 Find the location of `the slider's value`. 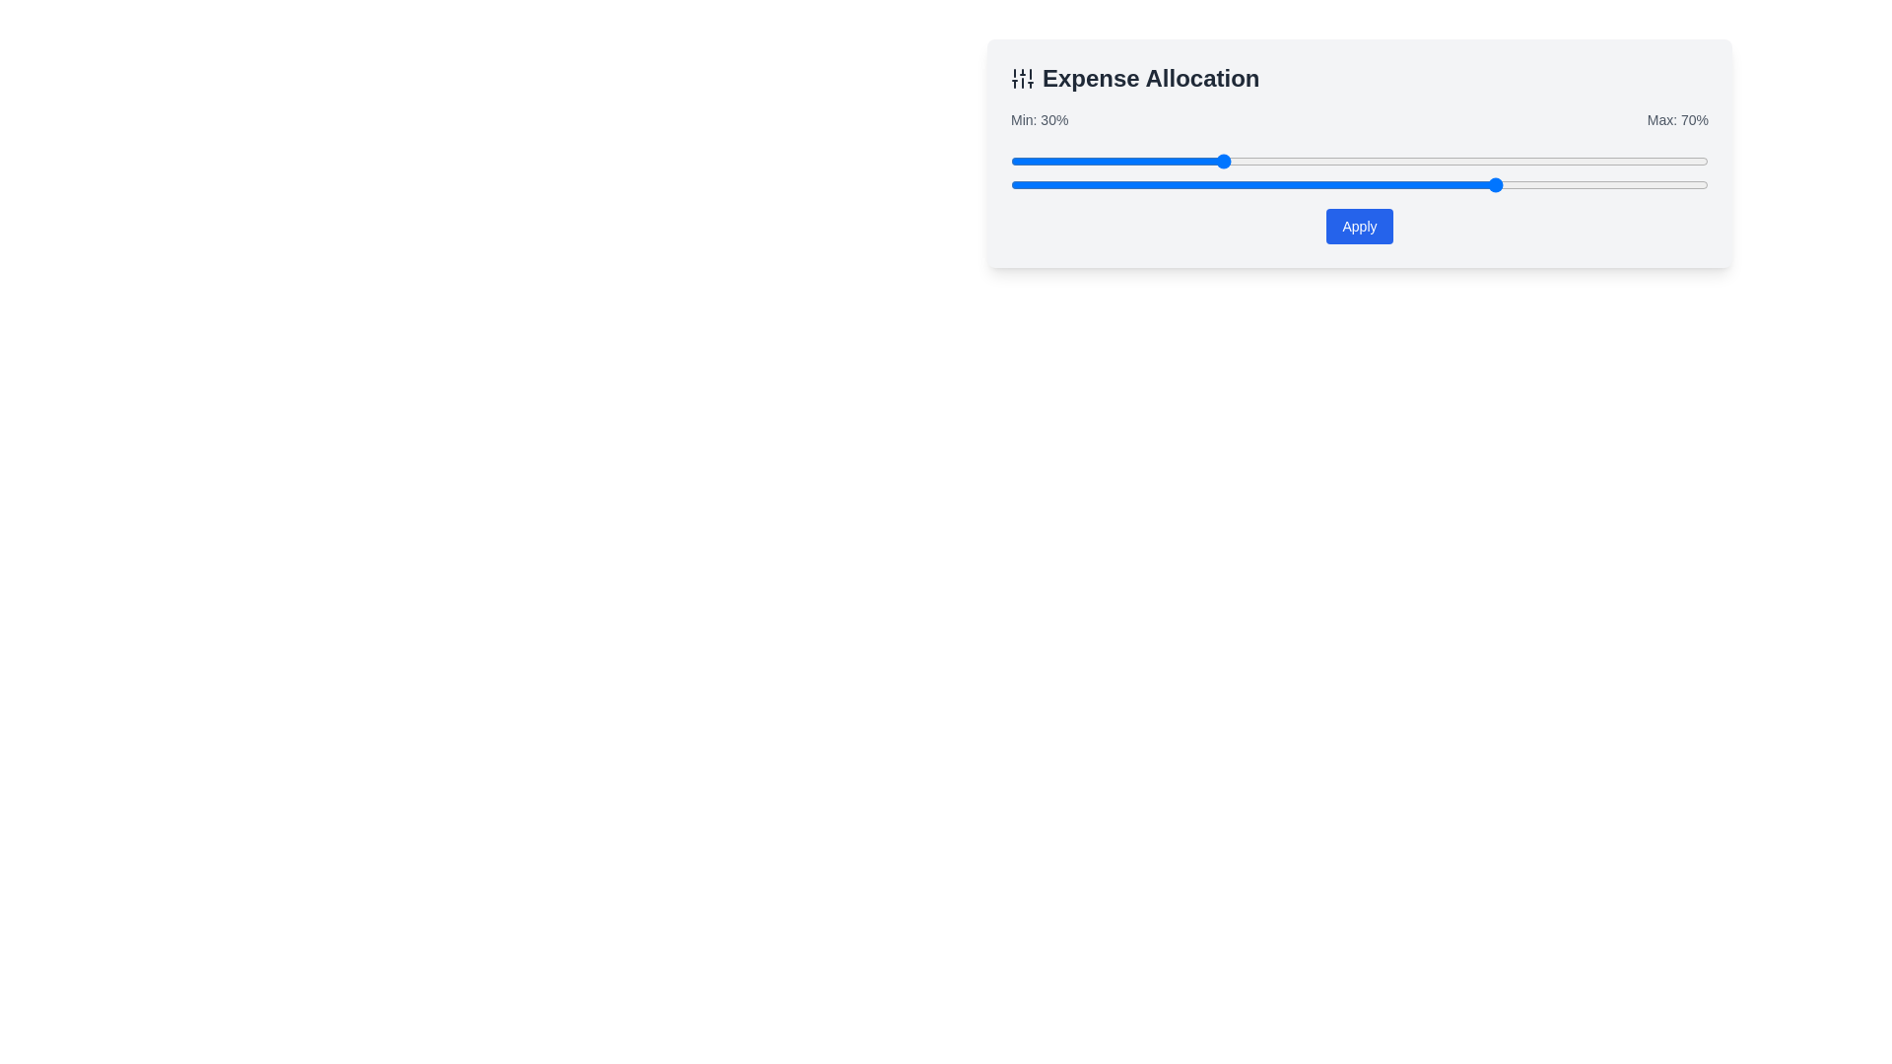

the slider's value is located at coordinates (1318, 185).